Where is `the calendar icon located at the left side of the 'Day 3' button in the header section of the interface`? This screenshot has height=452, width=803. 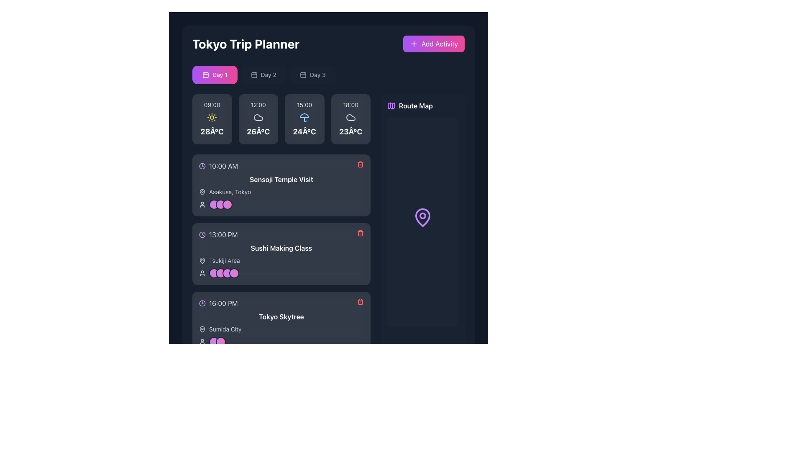
the calendar icon located at the left side of the 'Day 3' button in the header section of the interface is located at coordinates (302, 74).